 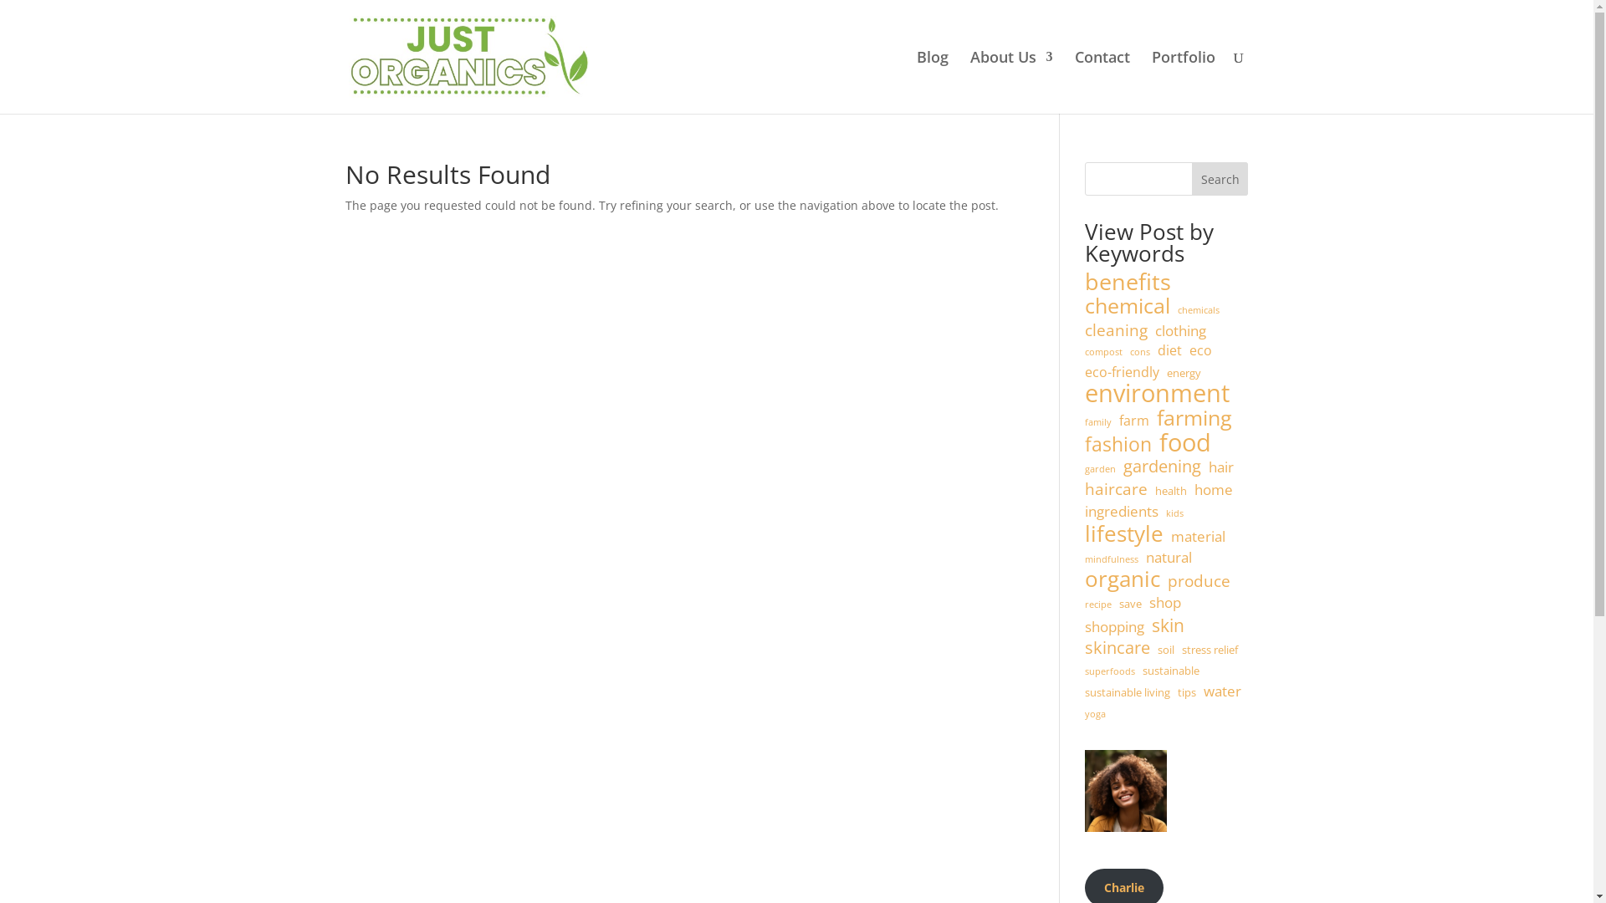 What do you see at coordinates (1114, 626) in the screenshot?
I see `'shopping'` at bounding box center [1114, 626].